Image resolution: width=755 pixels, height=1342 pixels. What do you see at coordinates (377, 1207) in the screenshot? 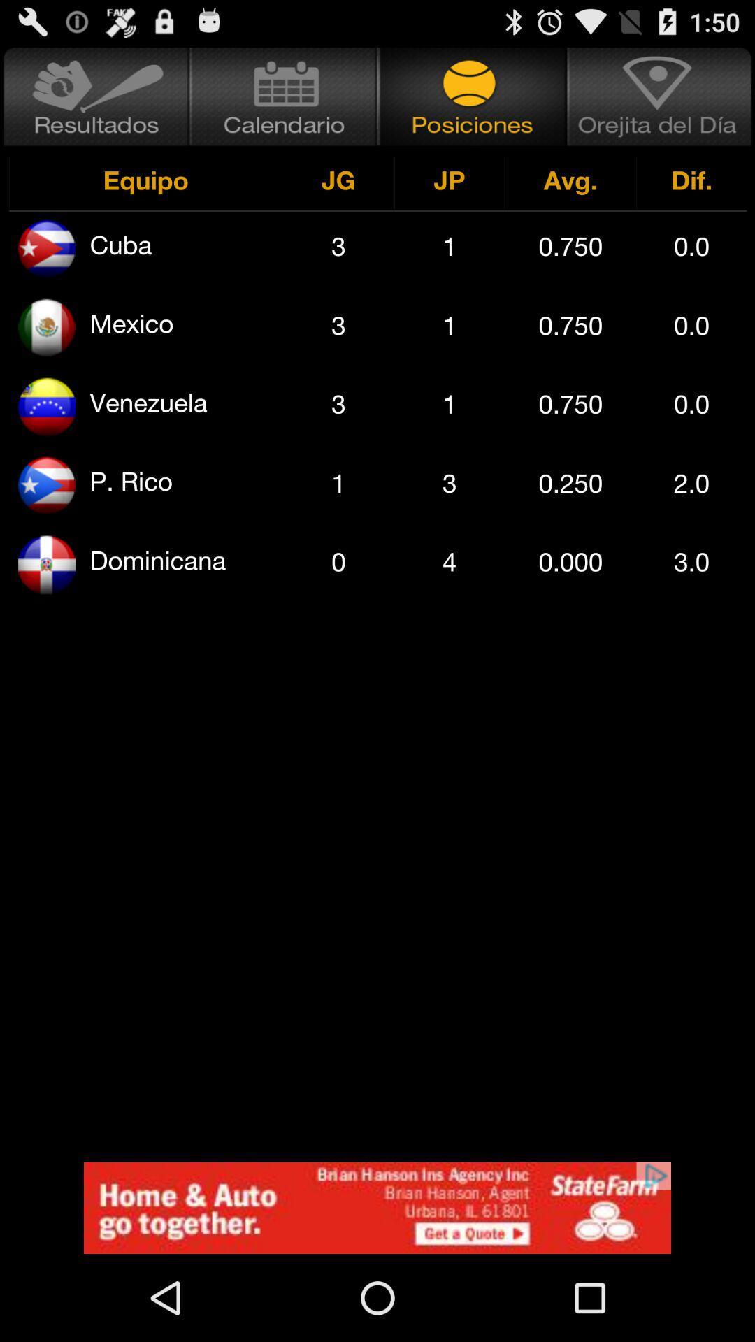
I see `visualizar anncio` at bounding box center [377, 1207].